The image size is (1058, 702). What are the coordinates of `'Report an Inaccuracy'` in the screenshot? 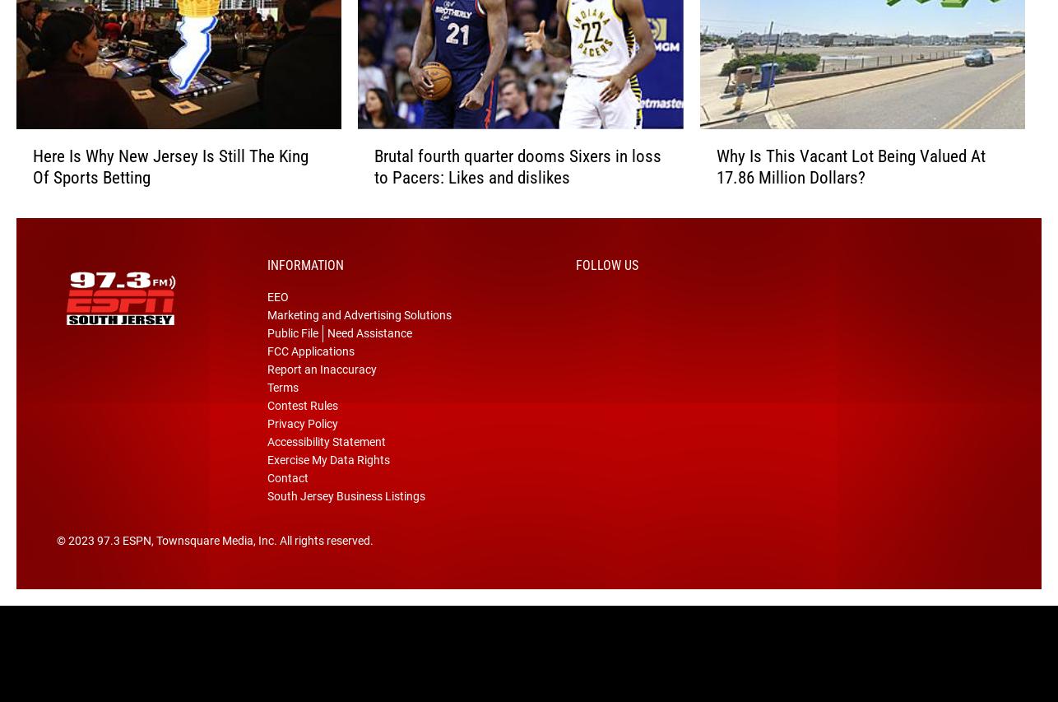 It's located at (321, 393).